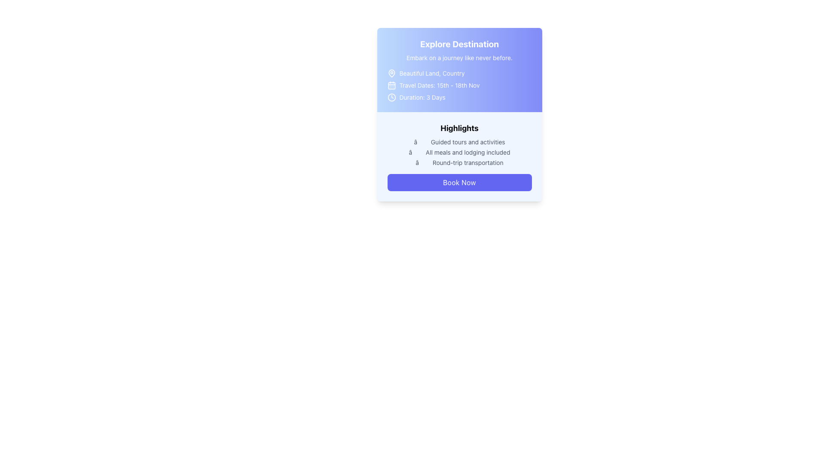 The height and width of the screenshot is (464, 825). Describe the element at coordinates (459, 182) in the screenshot. I see `the 'Book Now' button, which is a rectangular element with a purple background and white bold text, located at the bottom of a card layout` at that location.